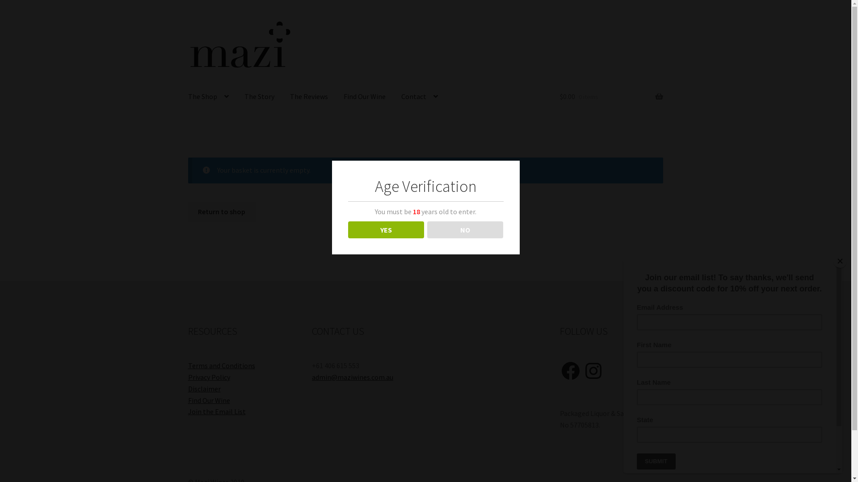 The image size is (858, 482). What do you see at coordinates (209, 377) in the screenshot?
I see `'Privacy Policy'` at bounding box center [209, 377].